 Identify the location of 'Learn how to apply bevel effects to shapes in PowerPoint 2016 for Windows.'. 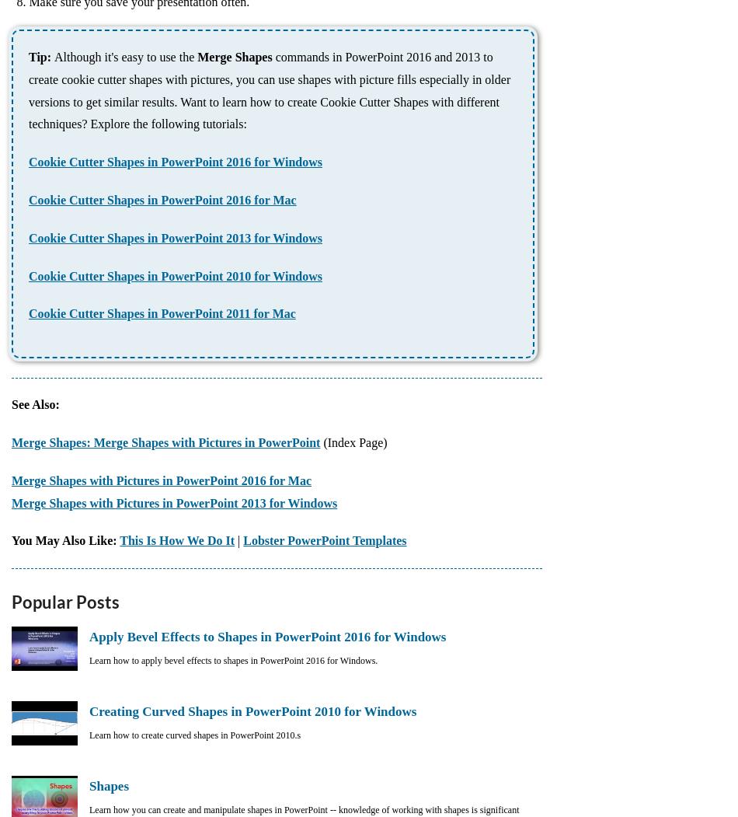
(232, 660).